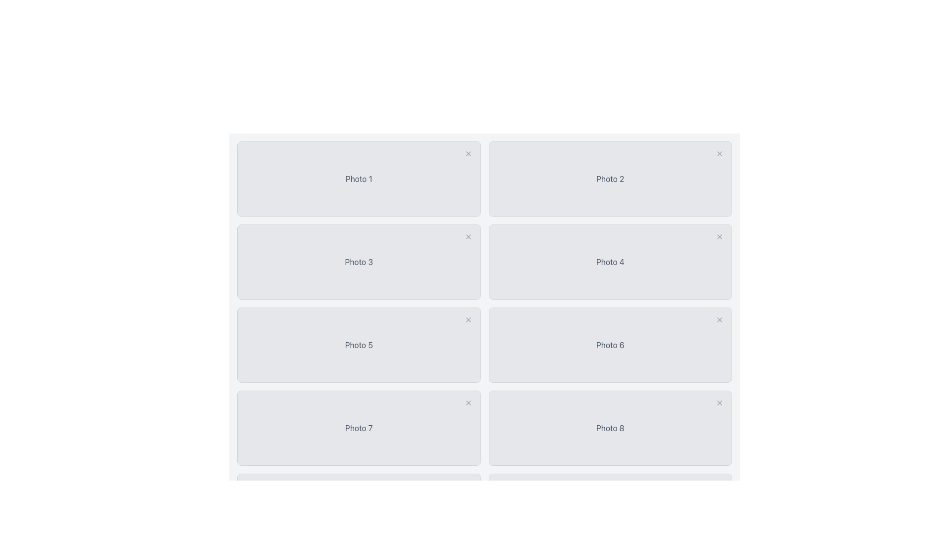  Describe the element at coordinates (468, 236) in the screenshot. I see `the close 'X' button located in the top right corner of the 'Photo 3' card` at that location.